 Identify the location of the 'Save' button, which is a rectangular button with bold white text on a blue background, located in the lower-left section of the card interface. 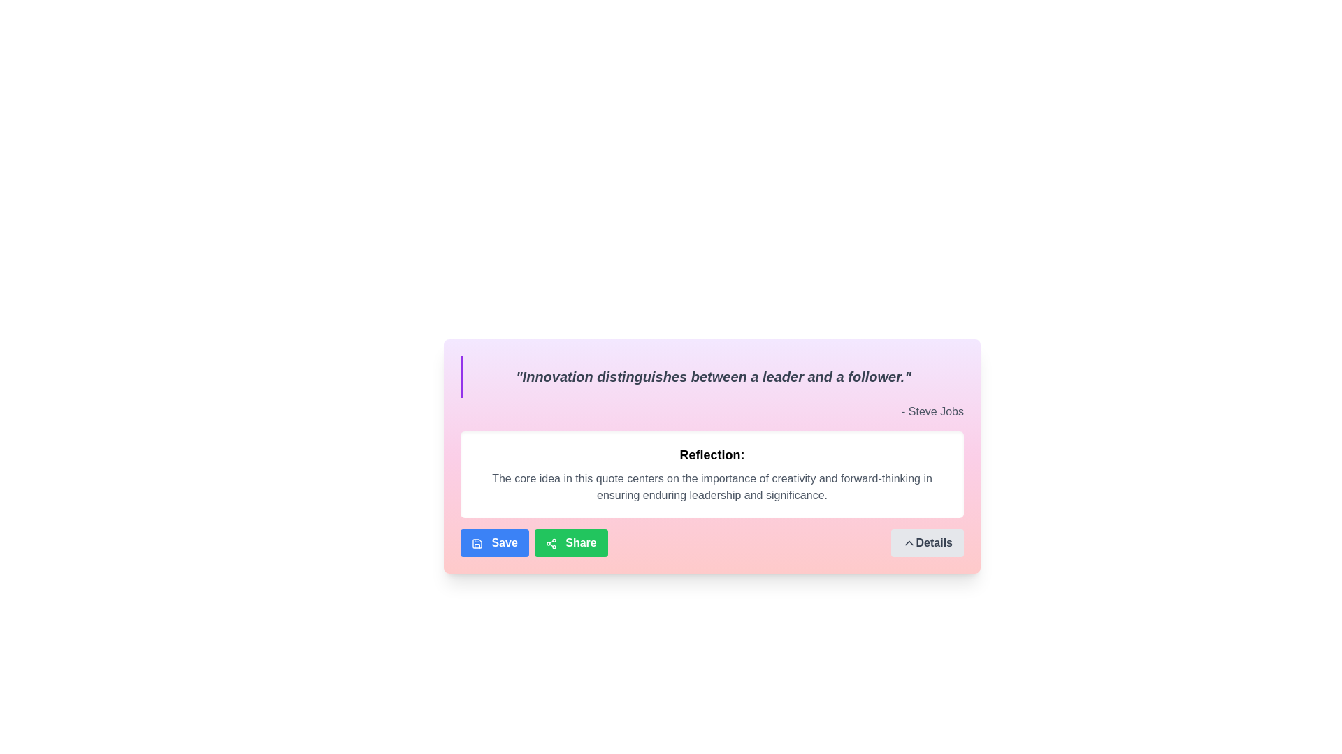
(494, 542).